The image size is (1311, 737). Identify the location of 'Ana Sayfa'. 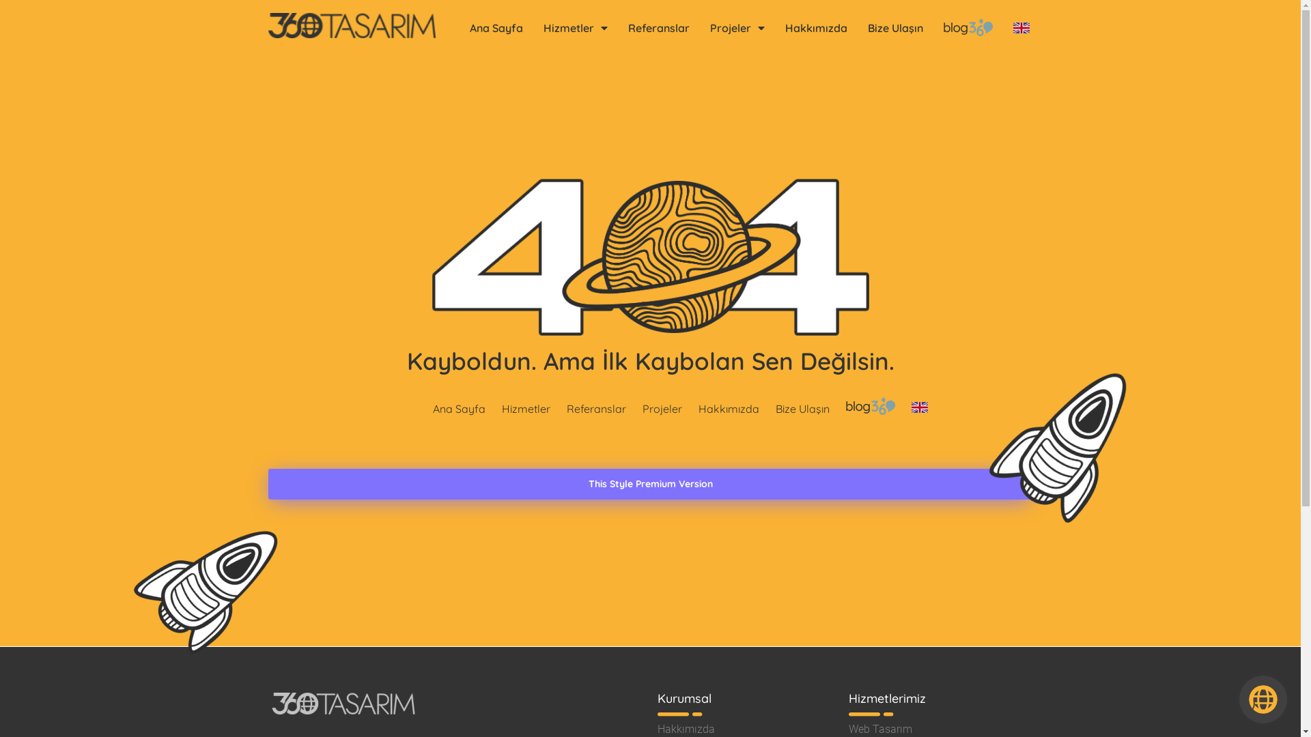
(459, 407).